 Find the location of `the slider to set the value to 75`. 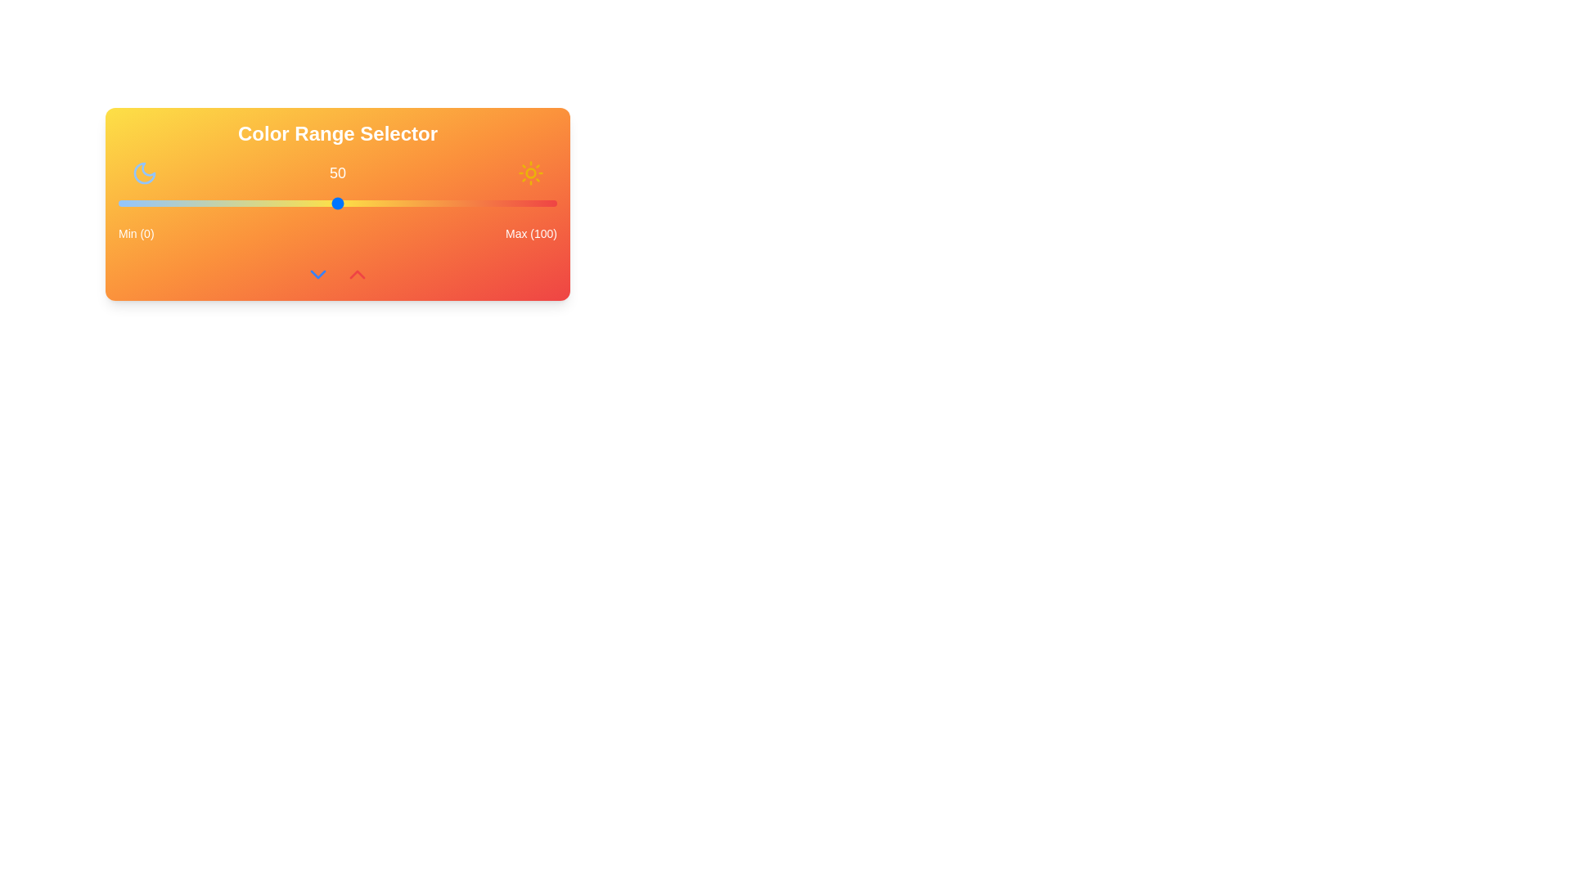

the slider to set the value to 75 is located at coordinates (448, 203).